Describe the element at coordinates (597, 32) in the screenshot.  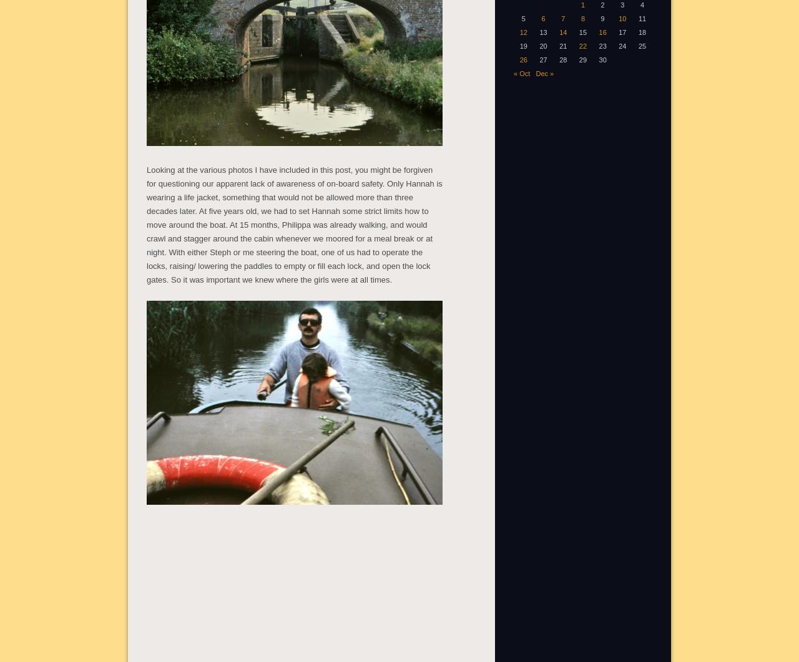
I see `'16'` at that location.